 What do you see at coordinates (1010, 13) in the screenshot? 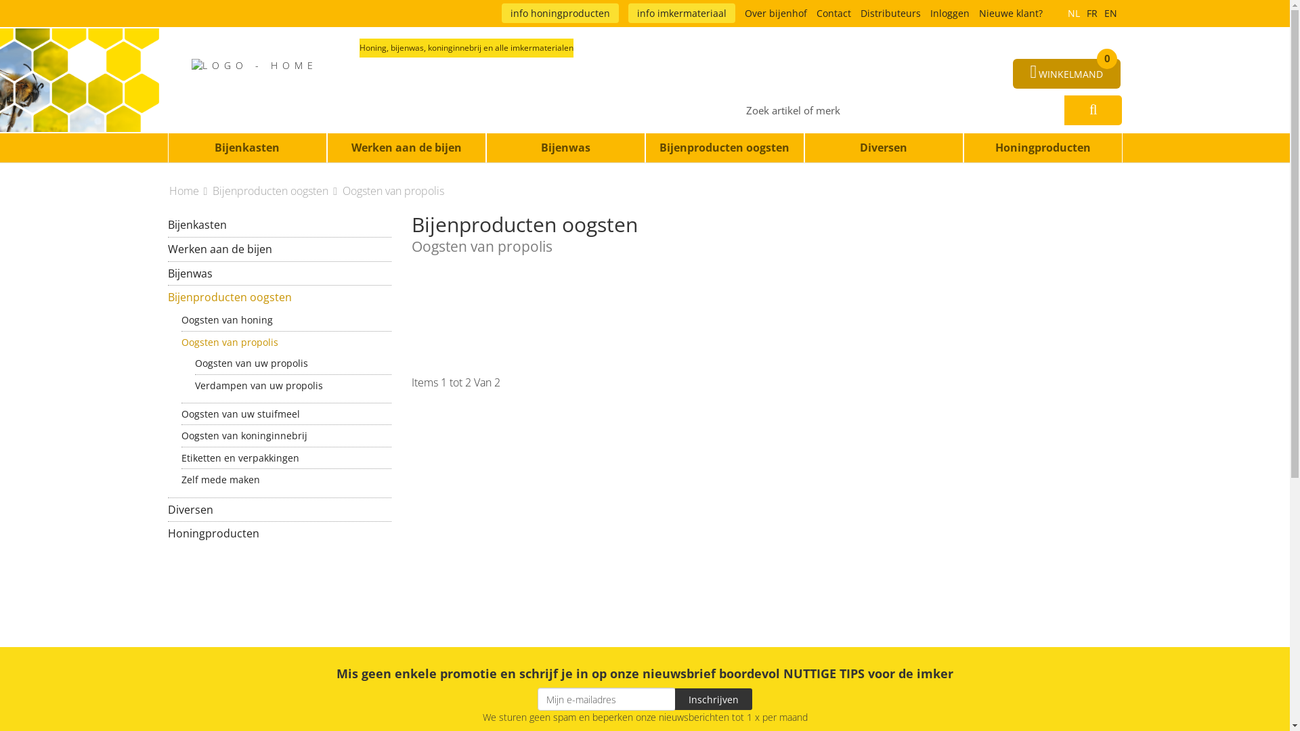
I see `'Nieuwe klant?'` at bounding box center [1010, 13].